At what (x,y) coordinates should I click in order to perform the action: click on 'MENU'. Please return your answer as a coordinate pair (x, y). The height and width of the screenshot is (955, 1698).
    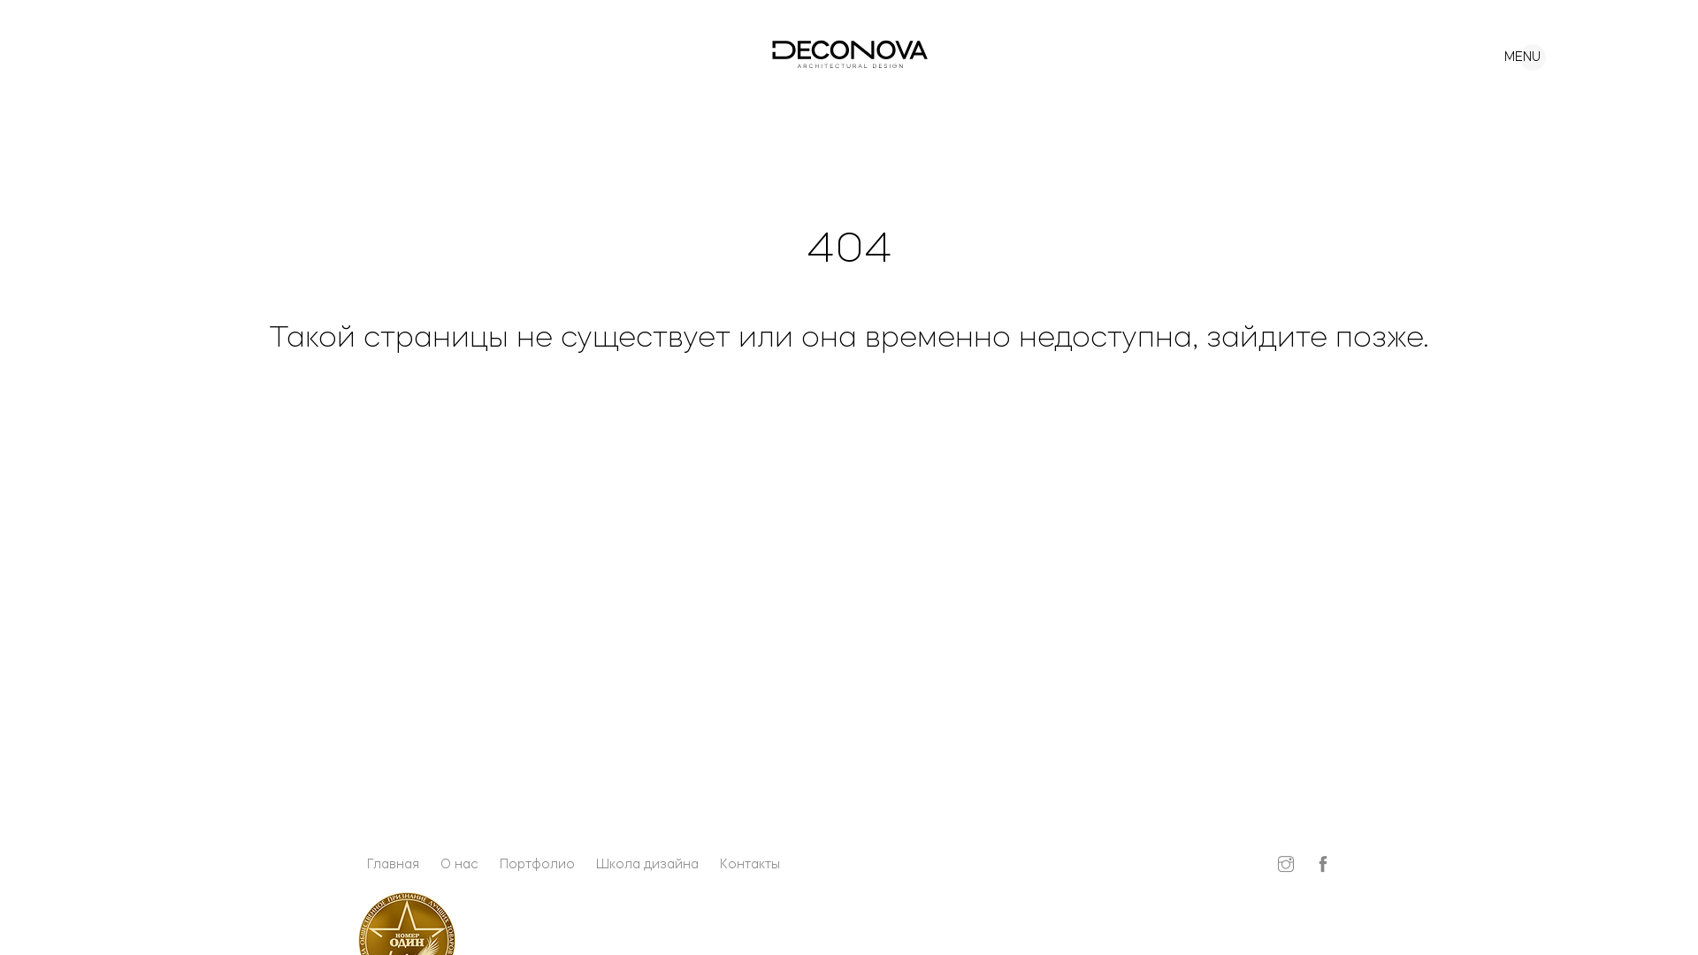
    Looking at the image, I should click on (1510, 51).